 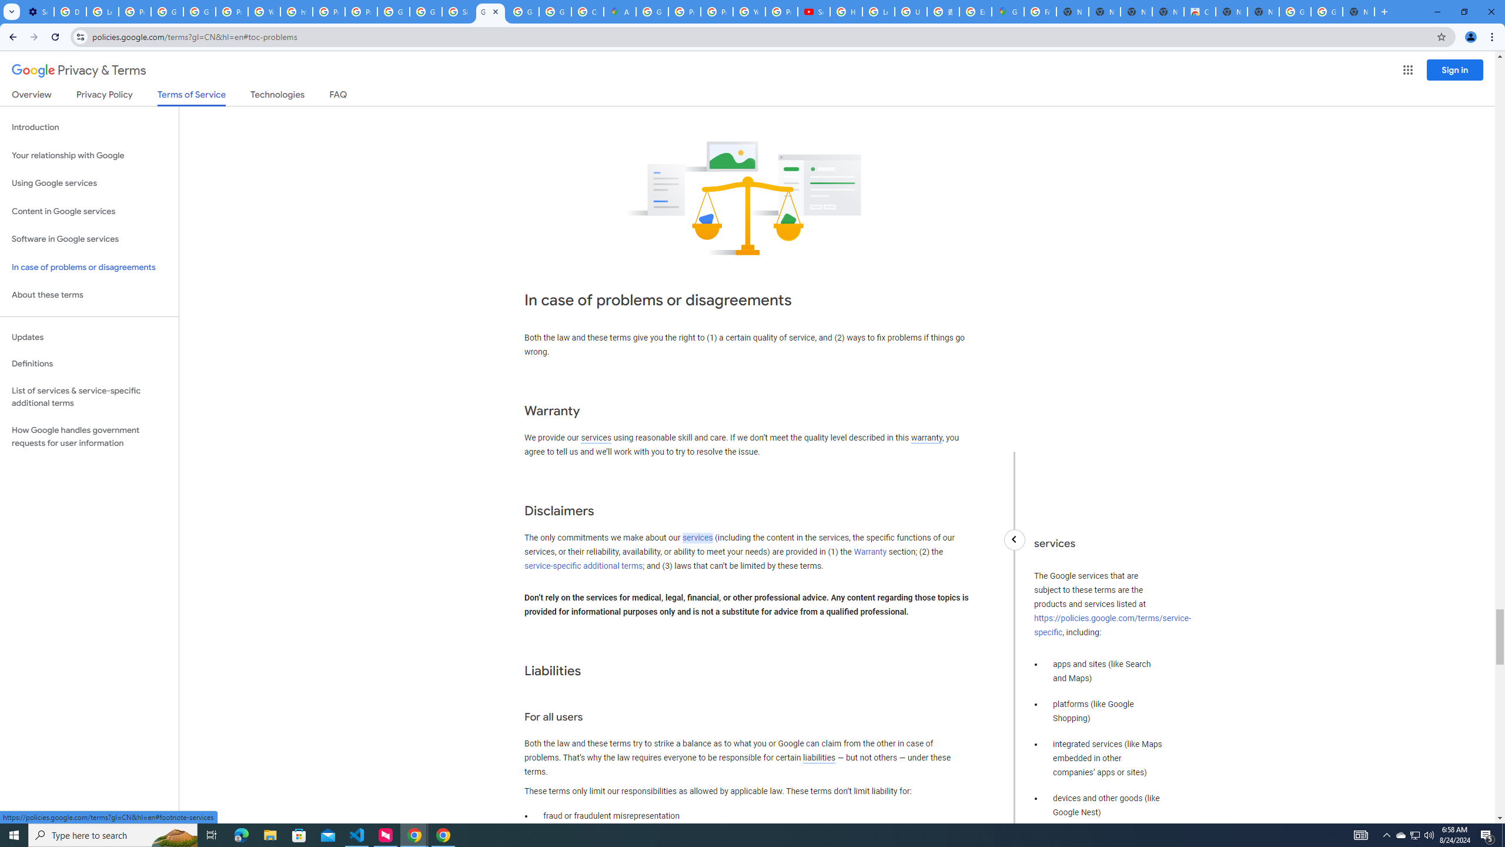 I want to click on 'Google Account Help', so click(x=167, y=11).